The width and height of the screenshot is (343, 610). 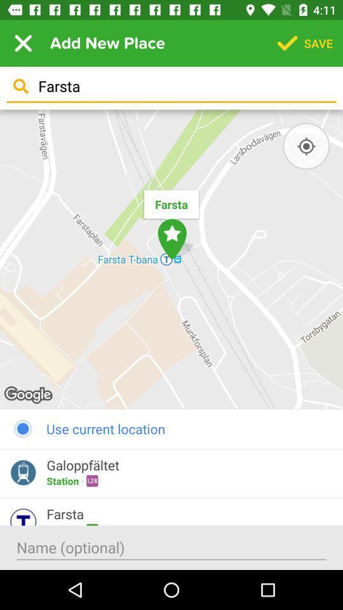 What do you see at coordinates (171, 259) in the screenshot?
I see `icon above the use current location icon` at bounding box center [171, 259].